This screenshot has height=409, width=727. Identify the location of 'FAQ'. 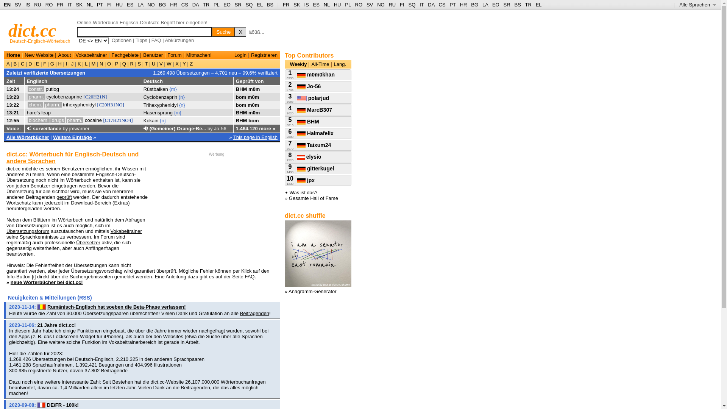
(156, 40).